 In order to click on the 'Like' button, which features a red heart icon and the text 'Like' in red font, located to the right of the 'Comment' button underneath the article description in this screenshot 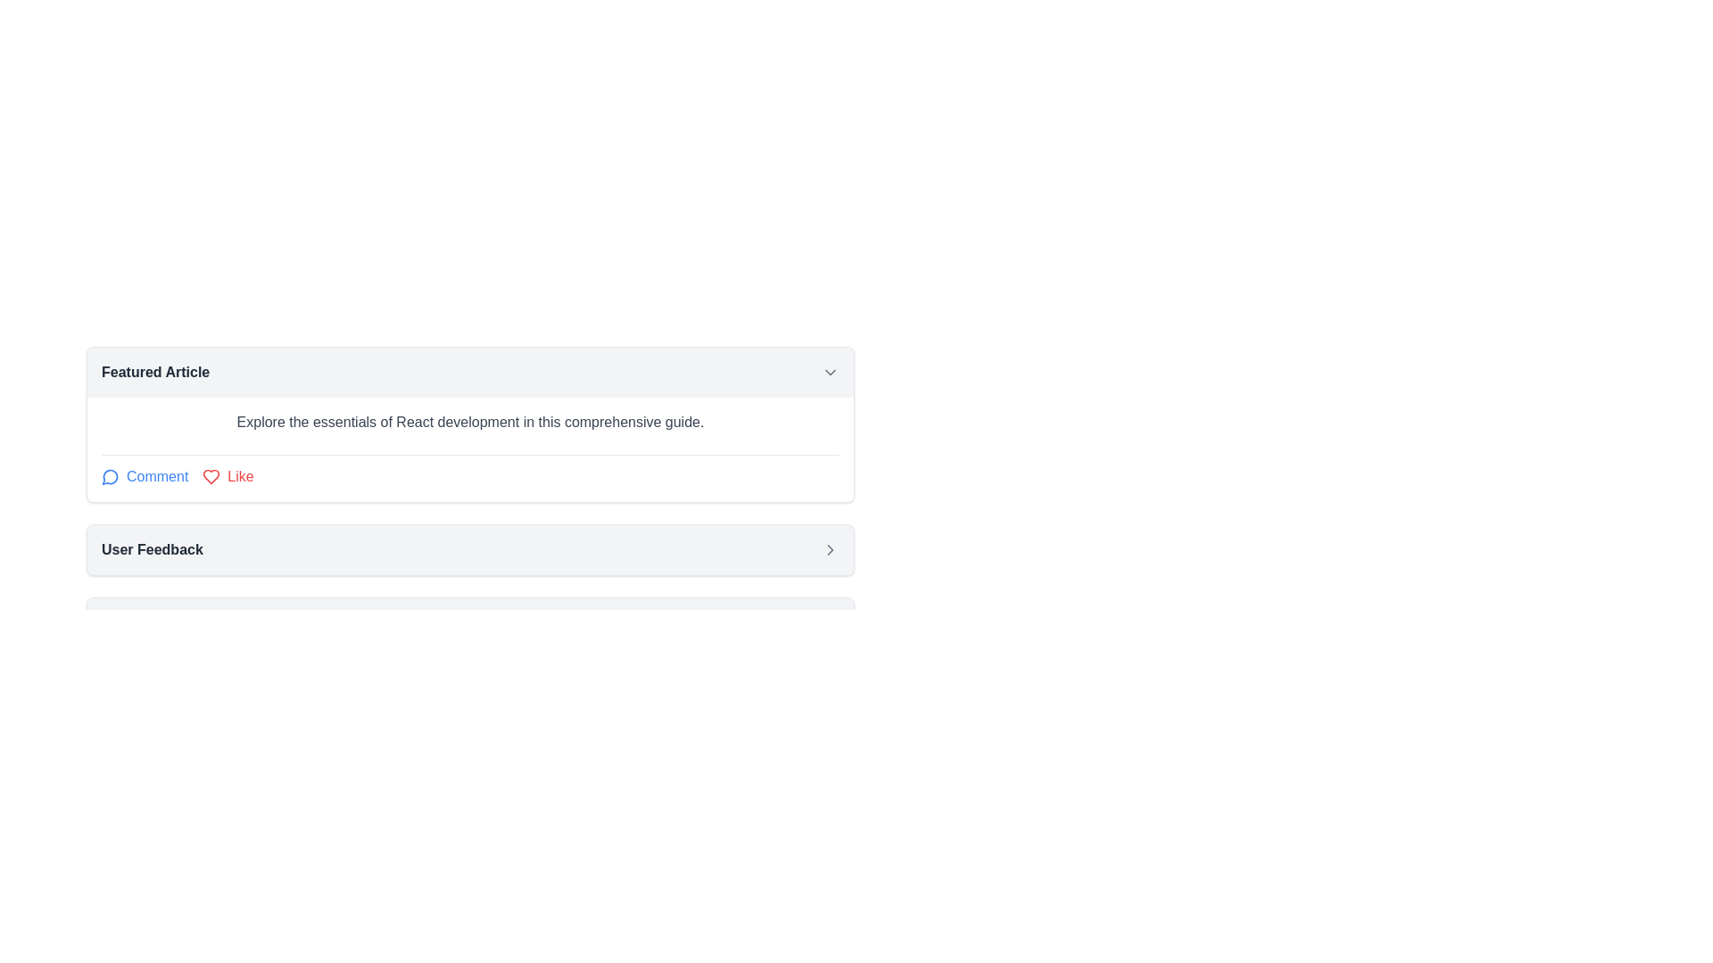, I will do `click(228, 476)`.